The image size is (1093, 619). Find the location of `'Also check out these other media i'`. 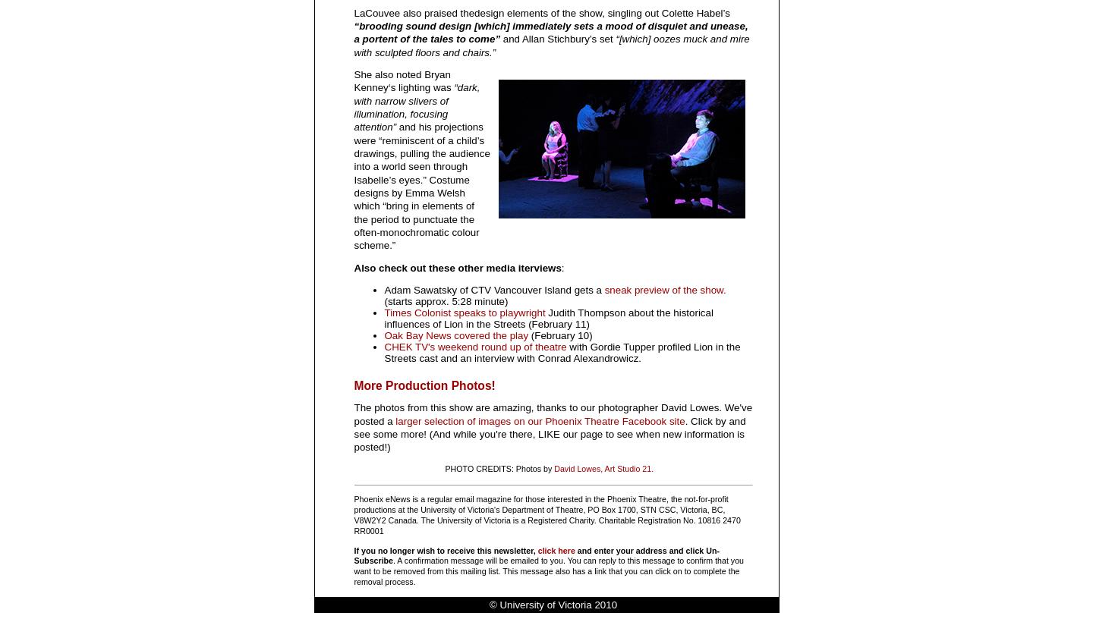

'Also check out these other media i' is located at coordinates (353, 267).